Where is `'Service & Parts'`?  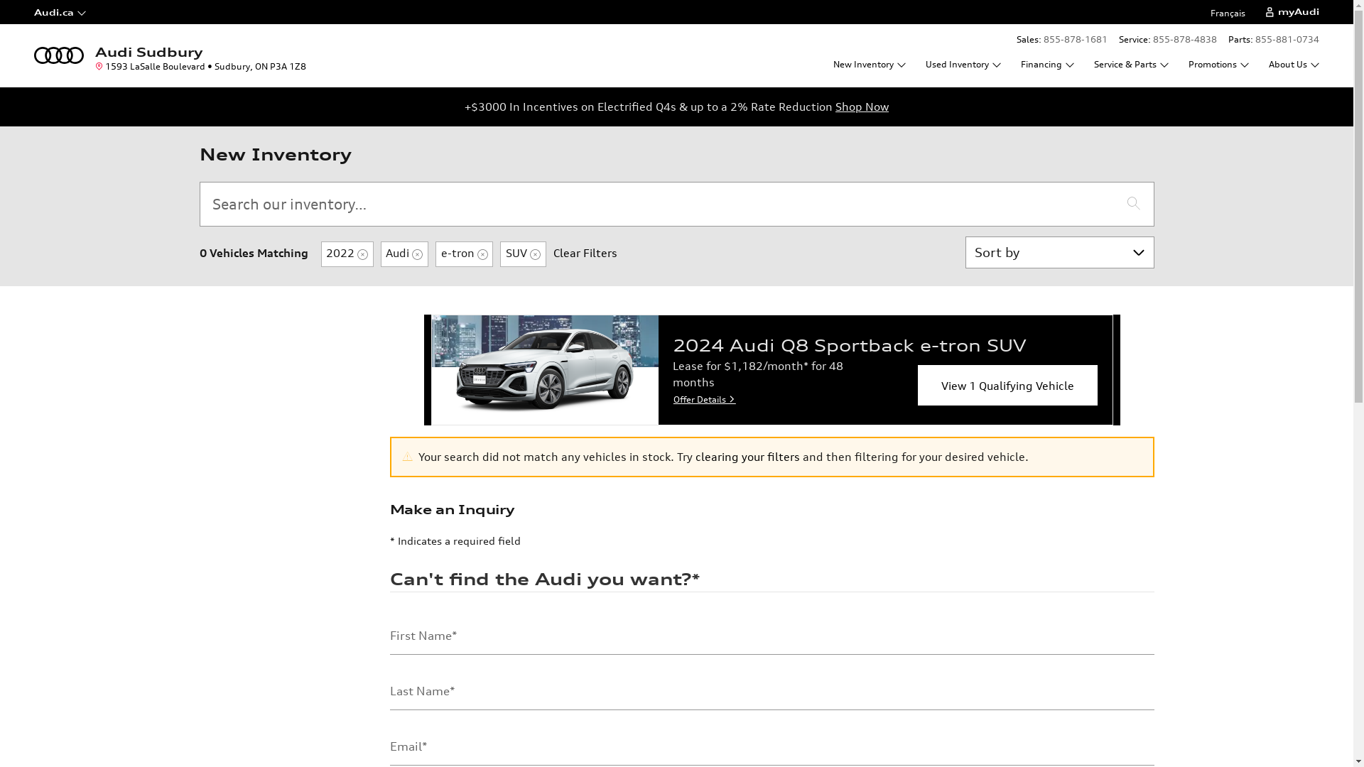 'Service & Parts' is located at coordinates (1130, 64).